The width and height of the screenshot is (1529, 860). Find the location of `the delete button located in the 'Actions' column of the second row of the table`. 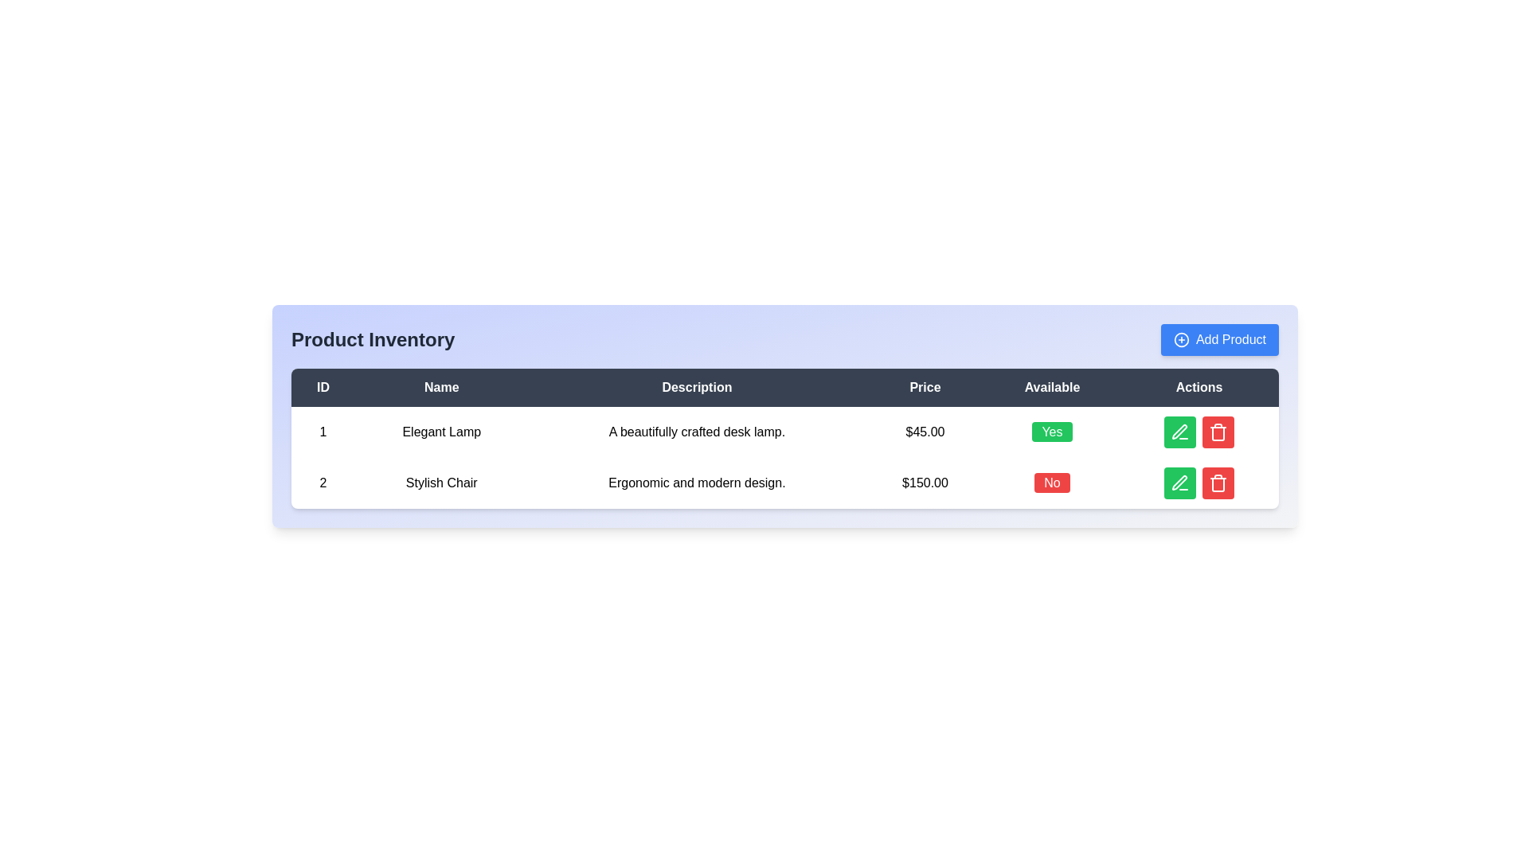

the delete button located in the 'Actions' column of the second row of the table is located at coordinates (1218, 432).